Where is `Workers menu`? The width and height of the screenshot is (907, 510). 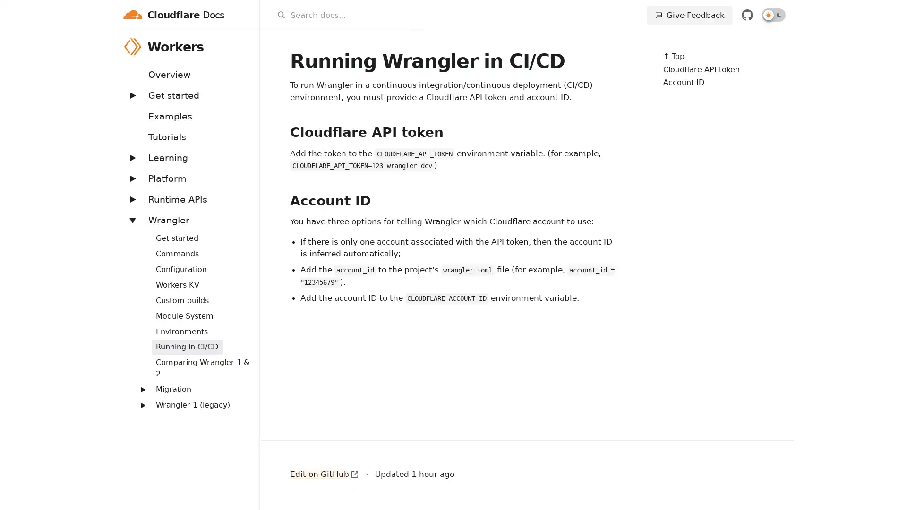
Workers menu is located at coordinates (247, 46).